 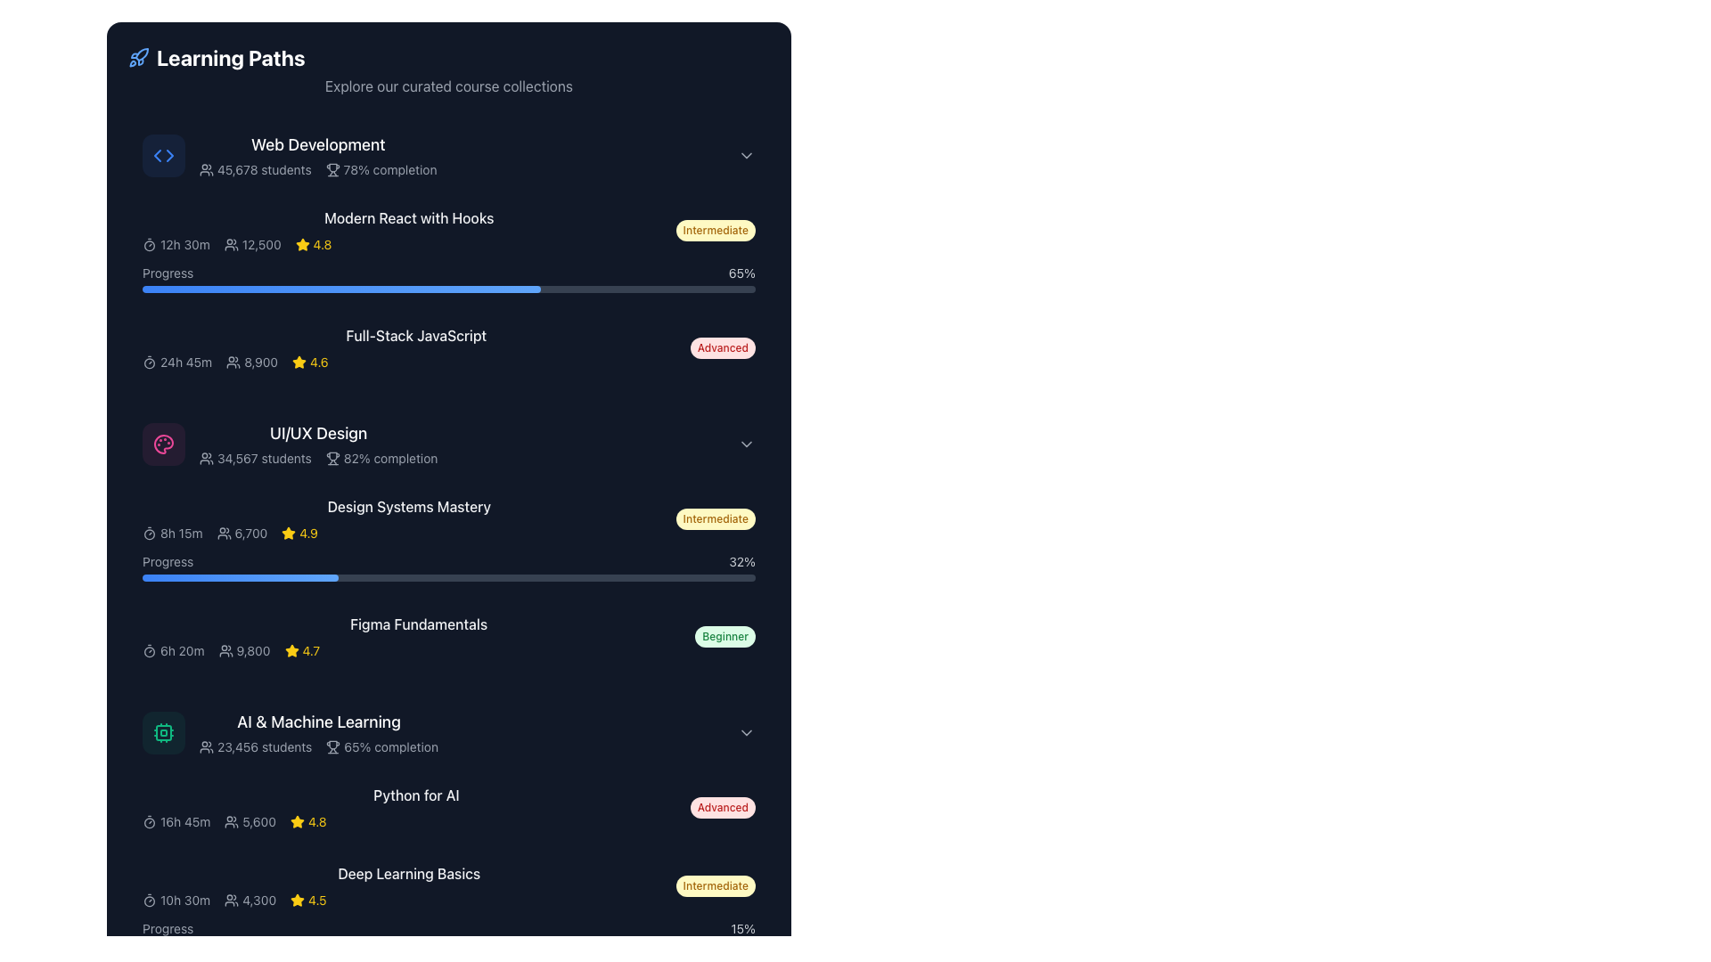 I want to click on the Information display row that shows course details including duration, participants, and rating beneath the 'Python for AI' course section, so click(x=415, y=821).